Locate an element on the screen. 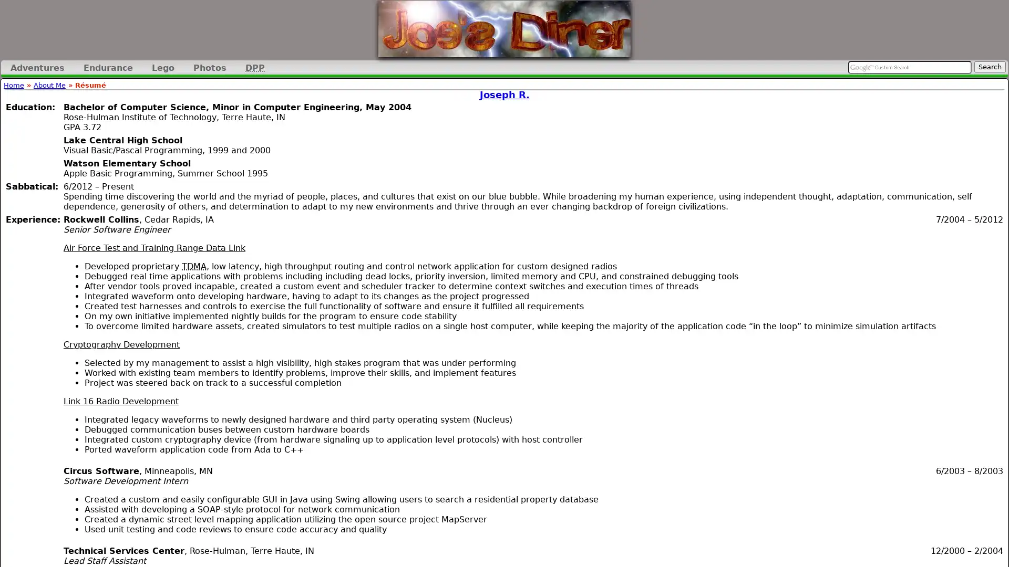 The height and width of the screenshot is (567, 1009). Search is located at coordinates (989, 67).